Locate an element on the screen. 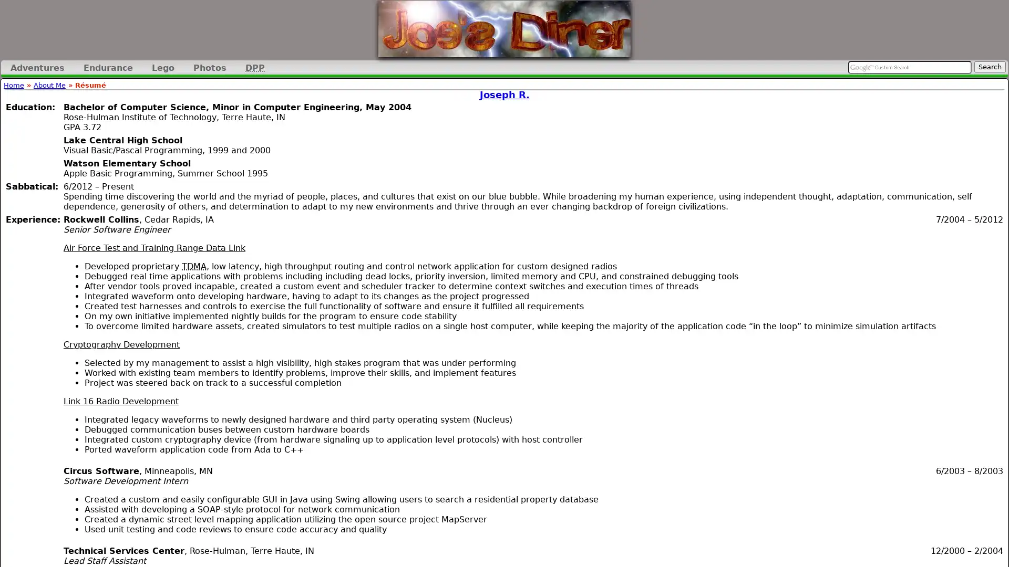 The height and width of the screenshot is (567, 1009). Search is located at coordinates (989, 67).